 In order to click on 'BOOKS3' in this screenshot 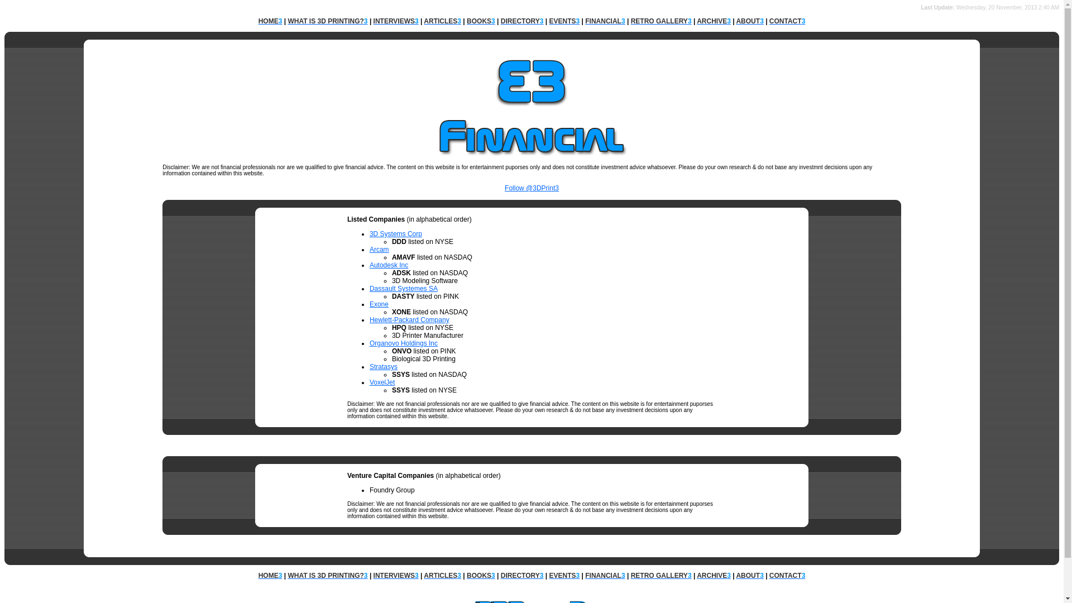, I will do `click(481, 575)`.